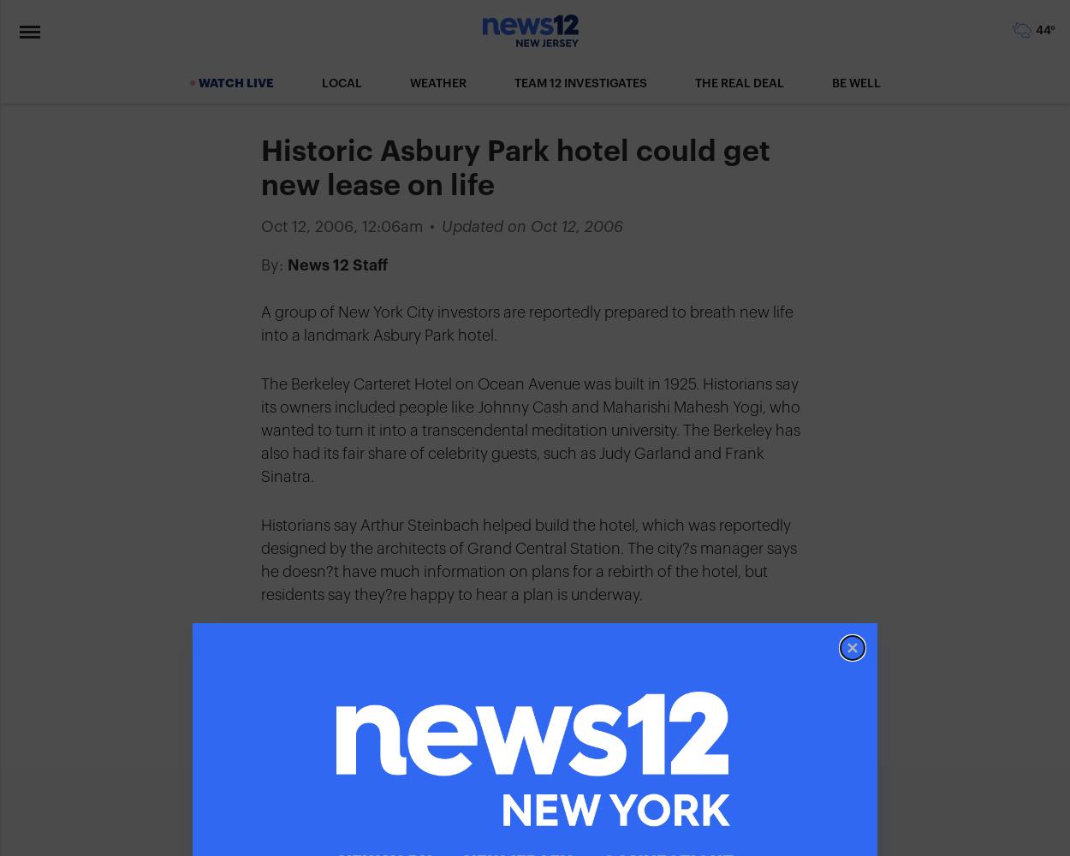 The height and width of the screenshot is (856, 1070). What do you see at coordinates (528, 560) in the screenshot?
I see `'Historians say Arthur Steinbach helped build the hotel, which was reportedly designed by the architects of Grand Central Station. The city?s manager says he doesn?t have much information on plans for a rebirth of the hotel, but residents say they?re happy to hear a plan is underway.'` at bounding box center [528, 560].